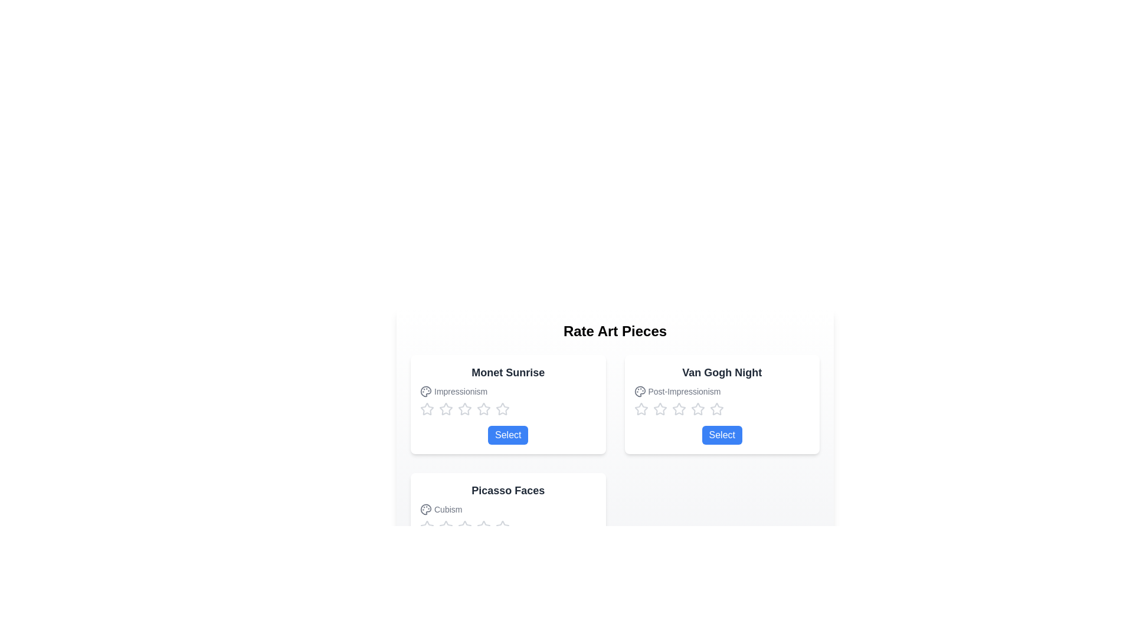 This screenshot has width=1133, height=637. Describe the element at coordinates (639, 391) in the screenshot. I see `the icon representing the art style 'Post-Impressionism' in the 'Van Gogh Night' card within the 'Rate Art Pieces' interface` at that location.